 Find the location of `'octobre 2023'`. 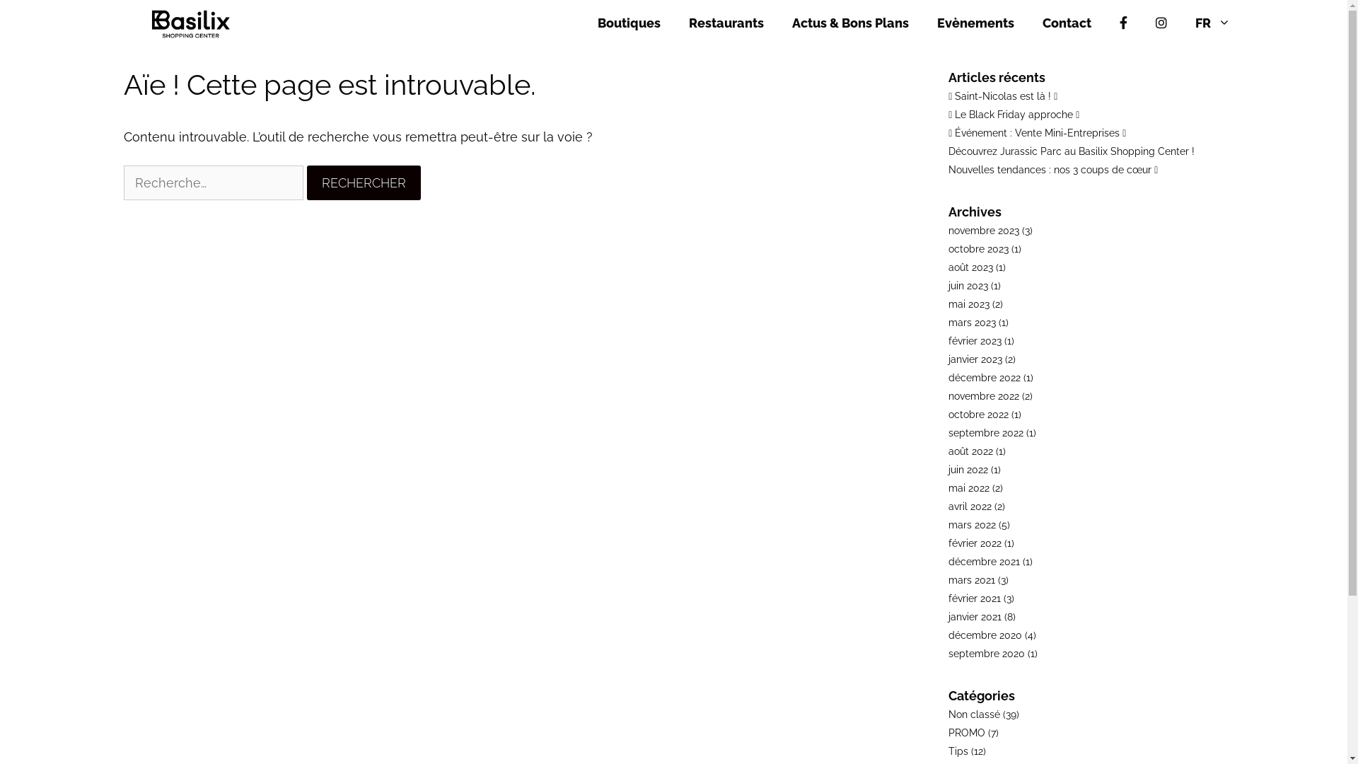

'octobre 2023' is located at coordinates (948, 248).